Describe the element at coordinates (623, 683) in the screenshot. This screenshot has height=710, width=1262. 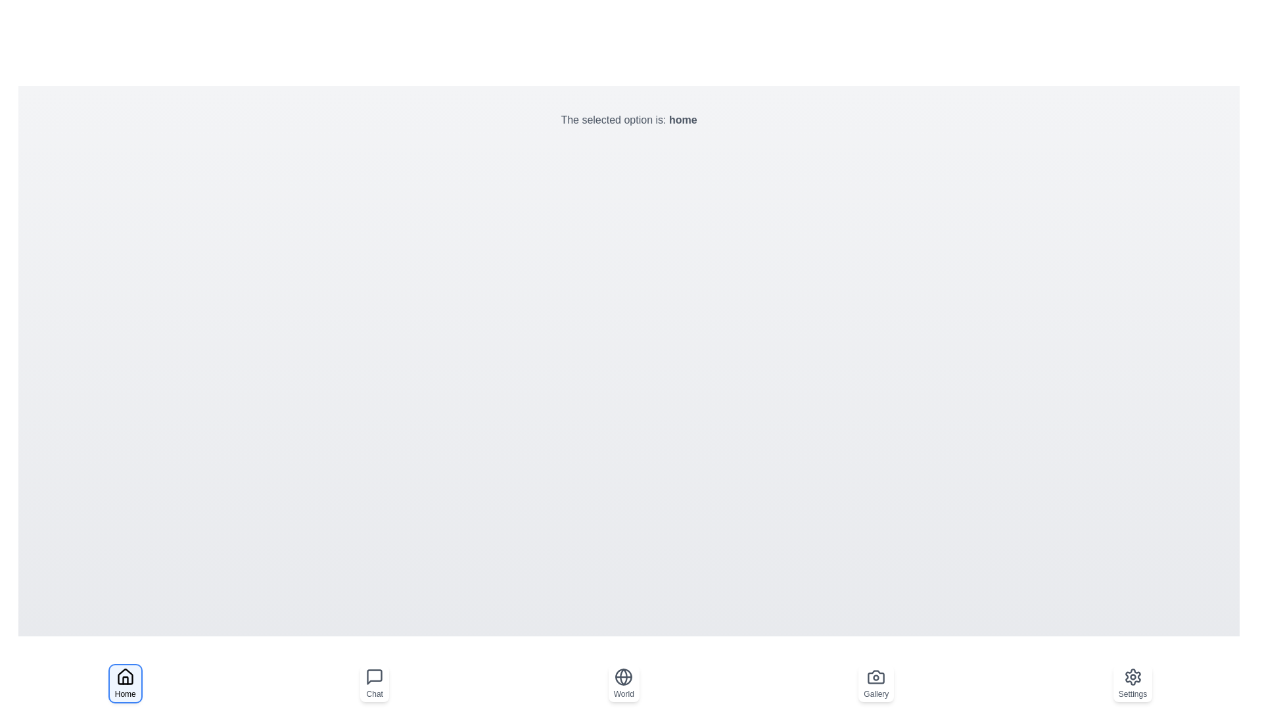
I see `the navigation option world to select it` at that location.